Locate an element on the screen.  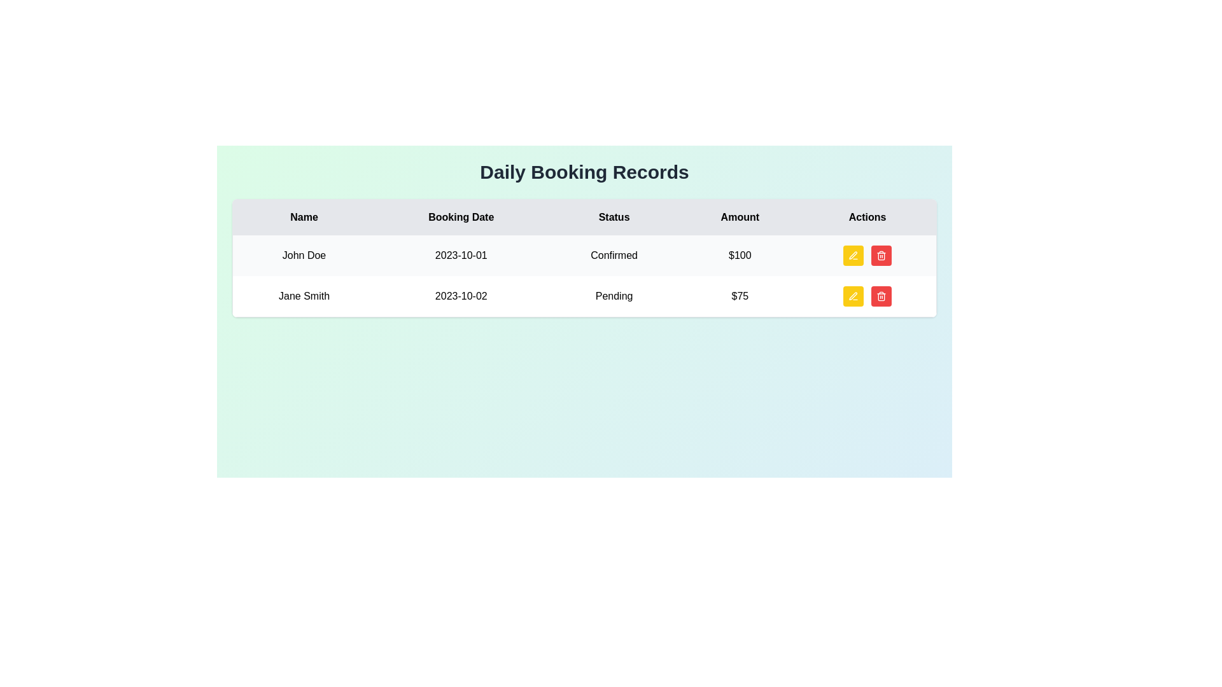
the pen icon button located in the Actions column of the second row is located at coordinates (853, 296).